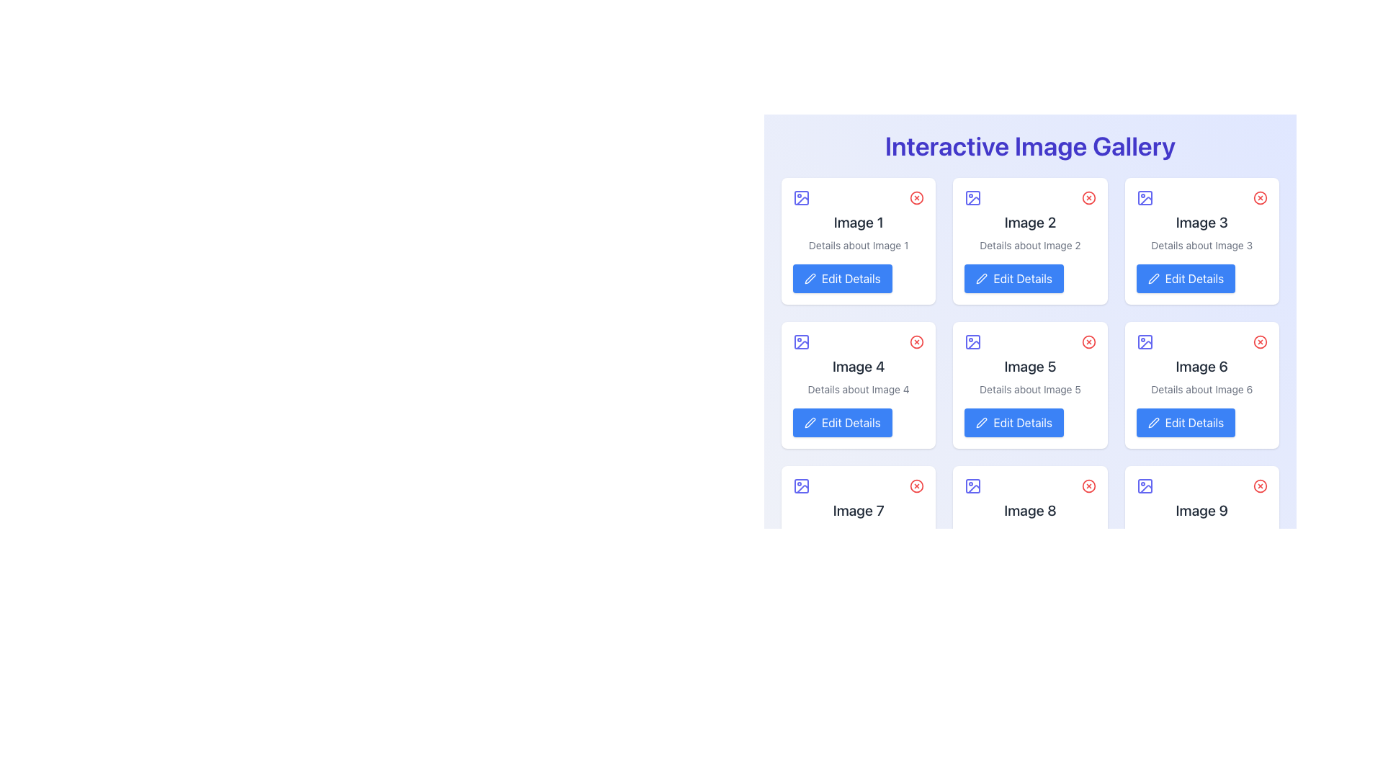 The image size is (1383, 778). Describe the element at coordinates (1144, 486) in the screenshot. I see `the SVG Icon located at the top-left corner of the card labeled 'Image 9', positioned to the left of the red 'delete' icon` at that location.